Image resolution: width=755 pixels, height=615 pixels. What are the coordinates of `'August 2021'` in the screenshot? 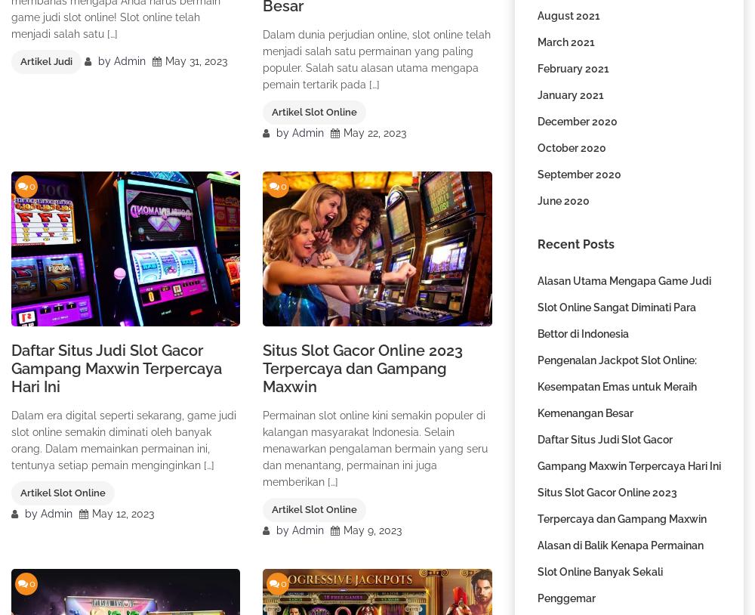 It's located at (568, 14).